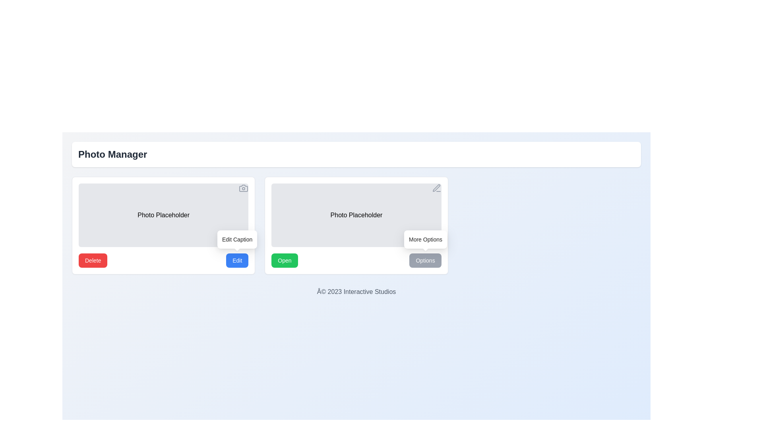 This screenshot has height=429, width=763. I want to click on the small pen icon button located in the upper-right corner of the photo placeholder area, so click(436, 188).